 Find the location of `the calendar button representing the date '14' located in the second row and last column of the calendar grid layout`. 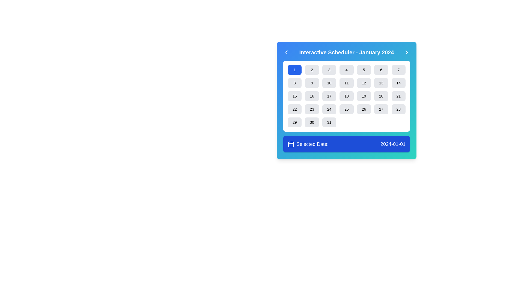

the calendar button representing the date '14' located in the second row and last column of the calendar grid layout is located at coordinates (398, 83).